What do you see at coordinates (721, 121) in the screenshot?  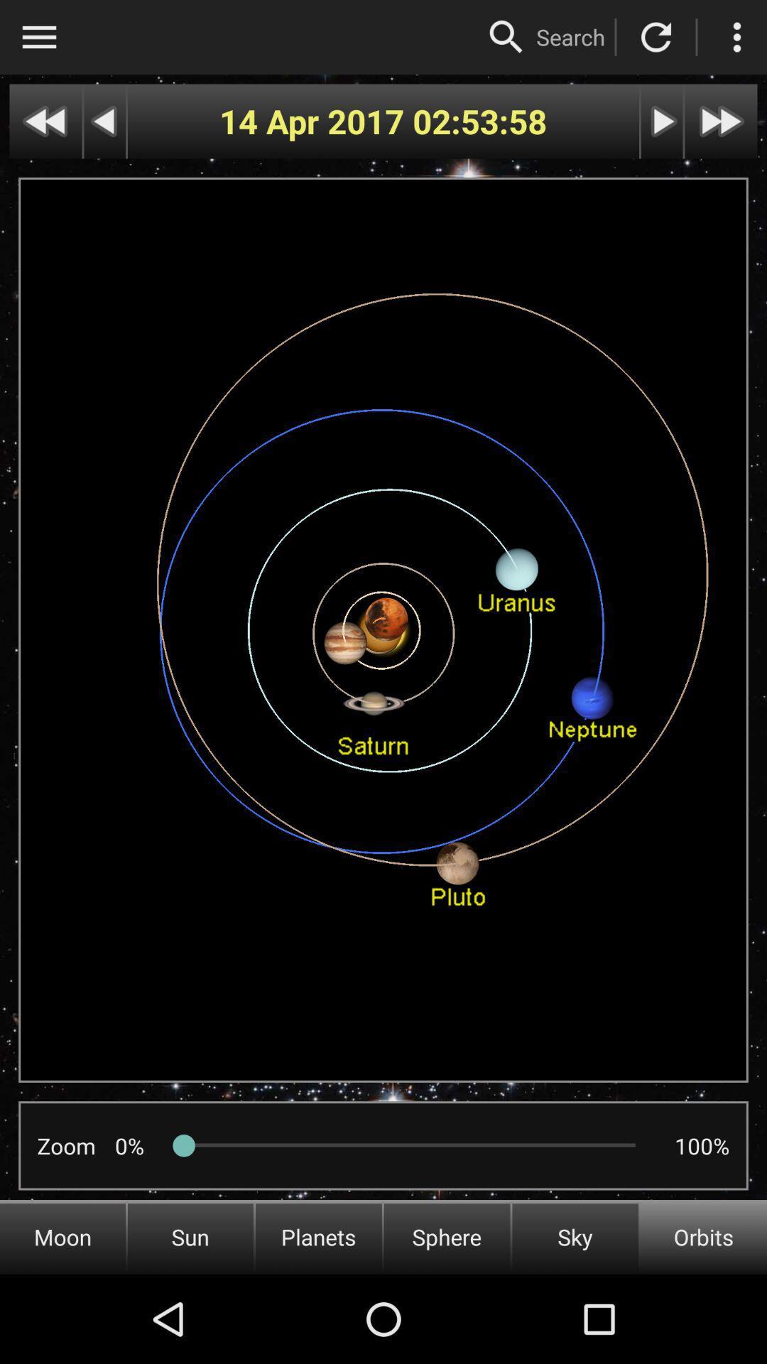 I see `next` at bounding box center [721, 121].